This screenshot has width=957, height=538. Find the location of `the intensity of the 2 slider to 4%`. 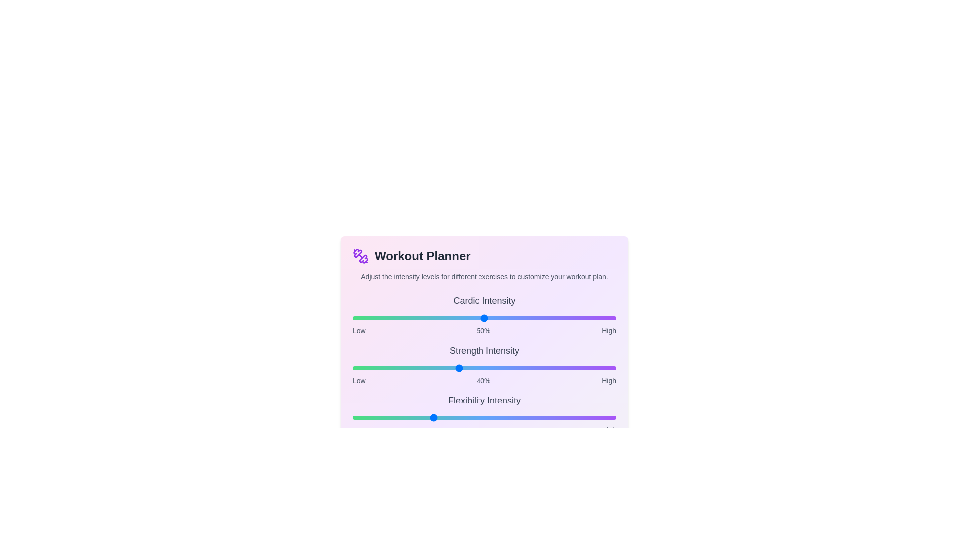

the intensity of the 2 slider to 4% is located at coordinates (363, 418).